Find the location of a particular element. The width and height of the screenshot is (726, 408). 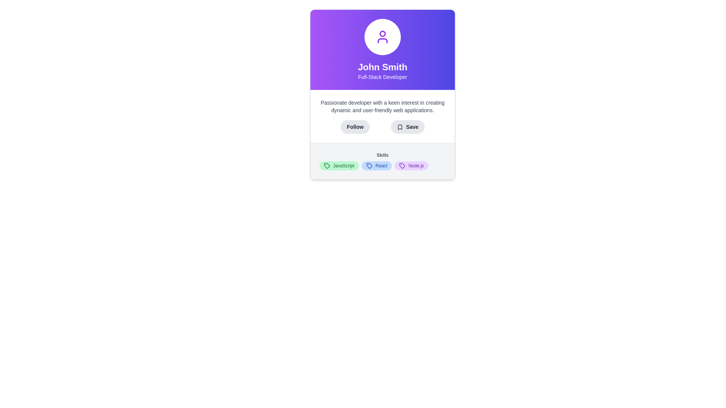

the circular part of the user icon in the profile card located above the text 'John Smith' is located at coordinates (383, 33).